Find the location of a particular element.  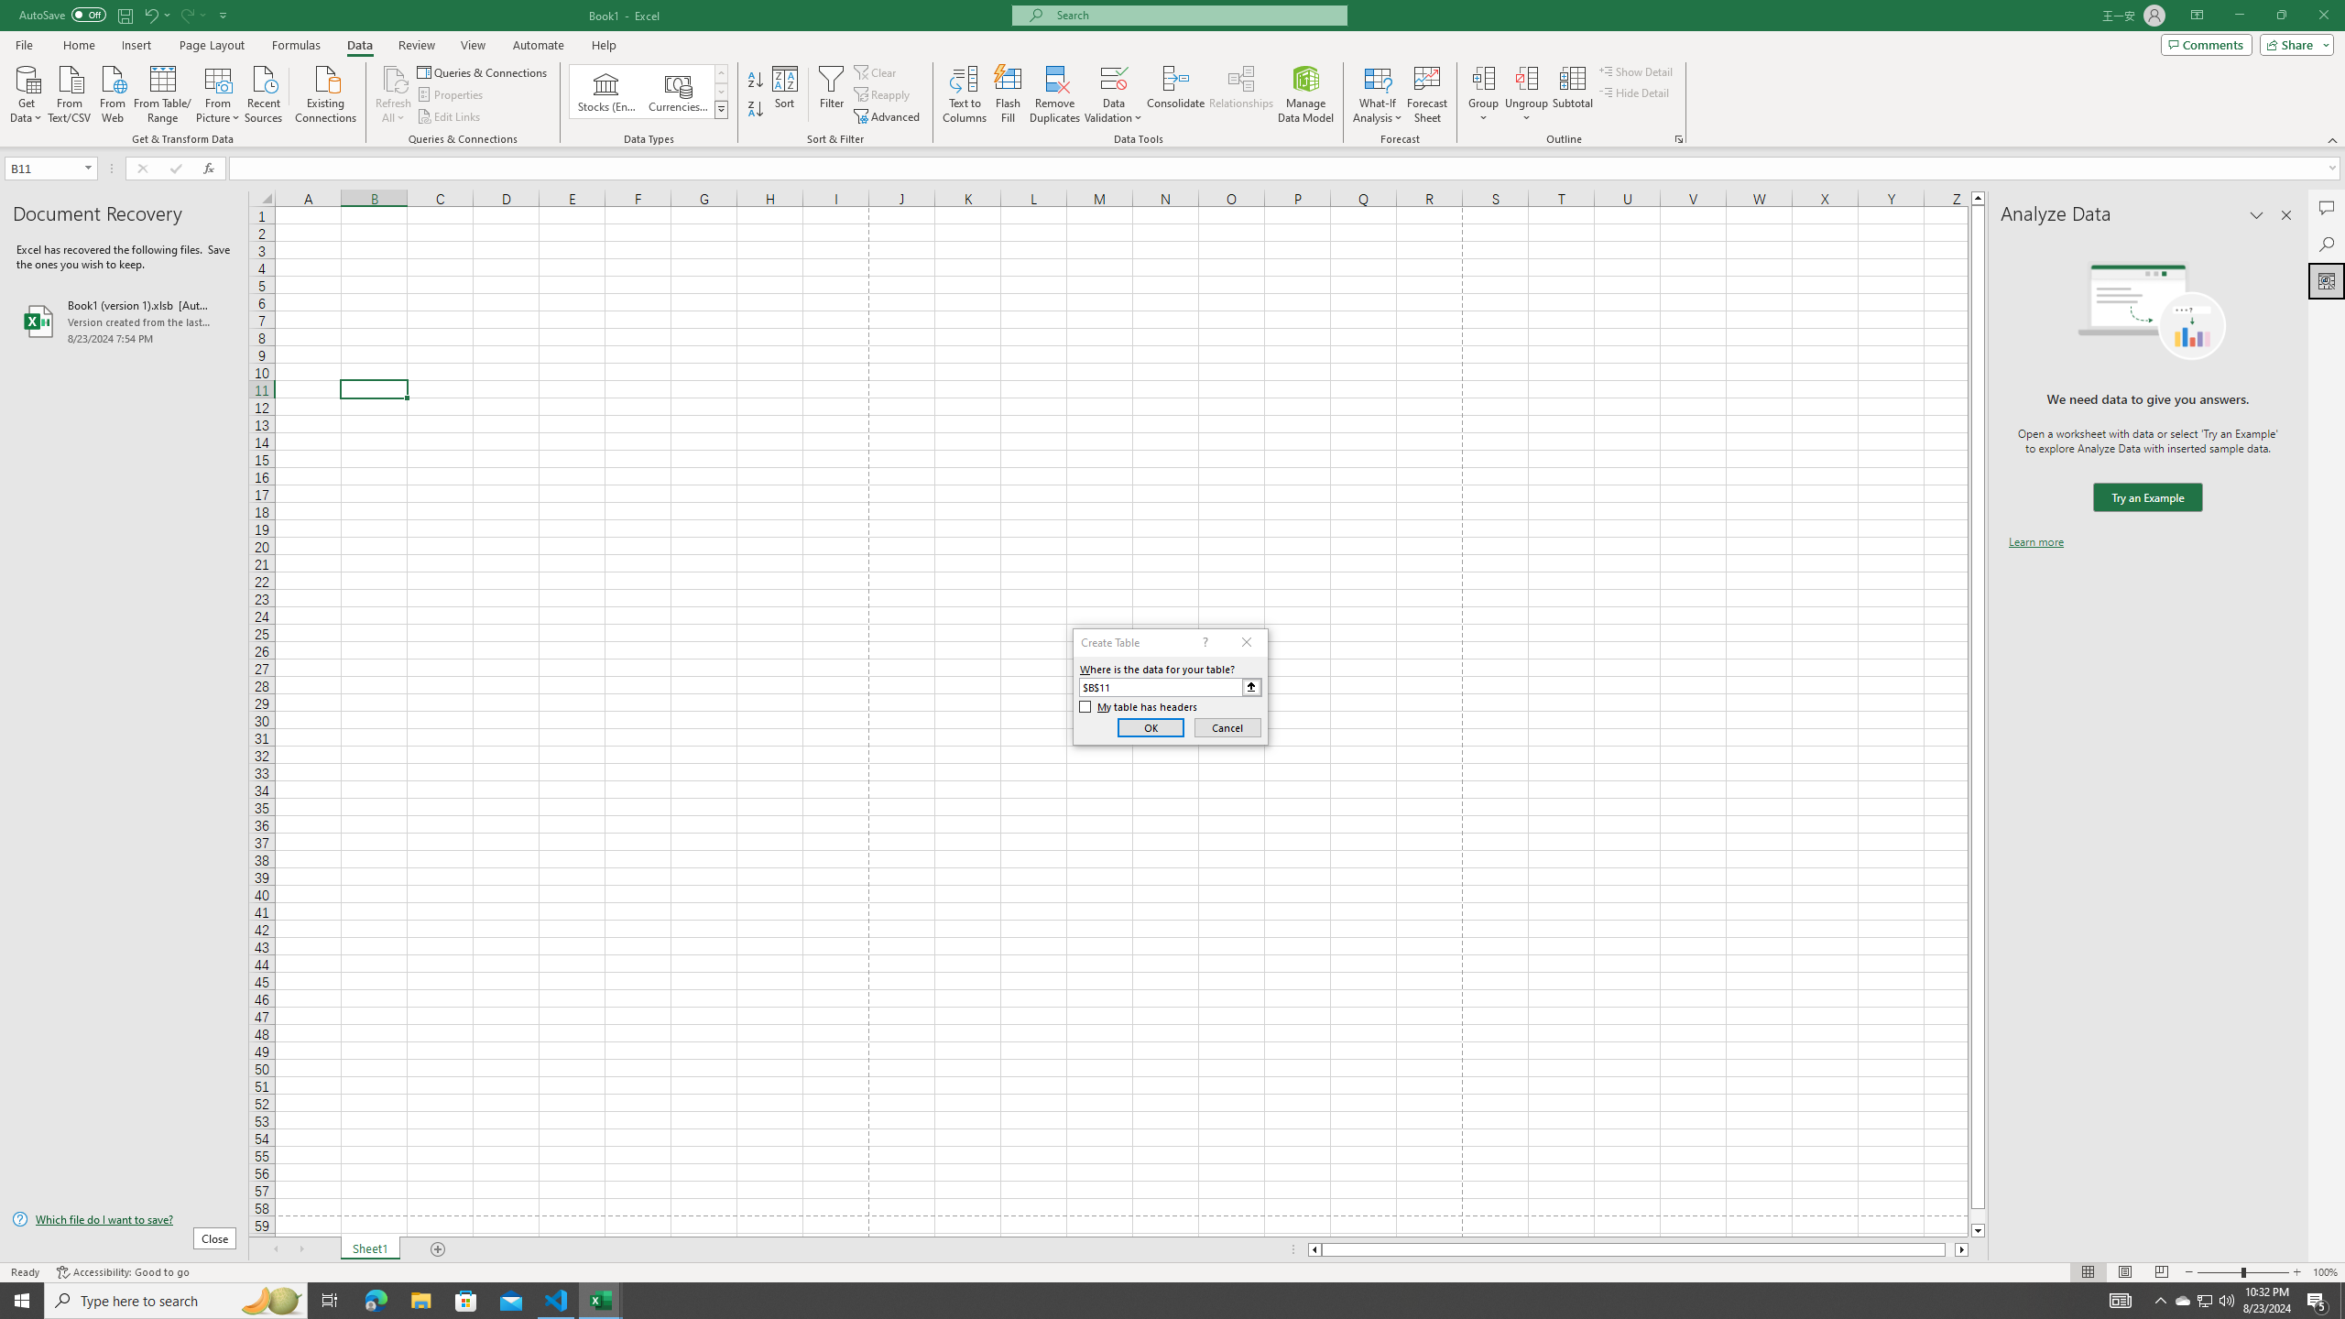

'Book1 (version 1).xlsb  [AutoRecovered]' is located at coordinates (123, 320).